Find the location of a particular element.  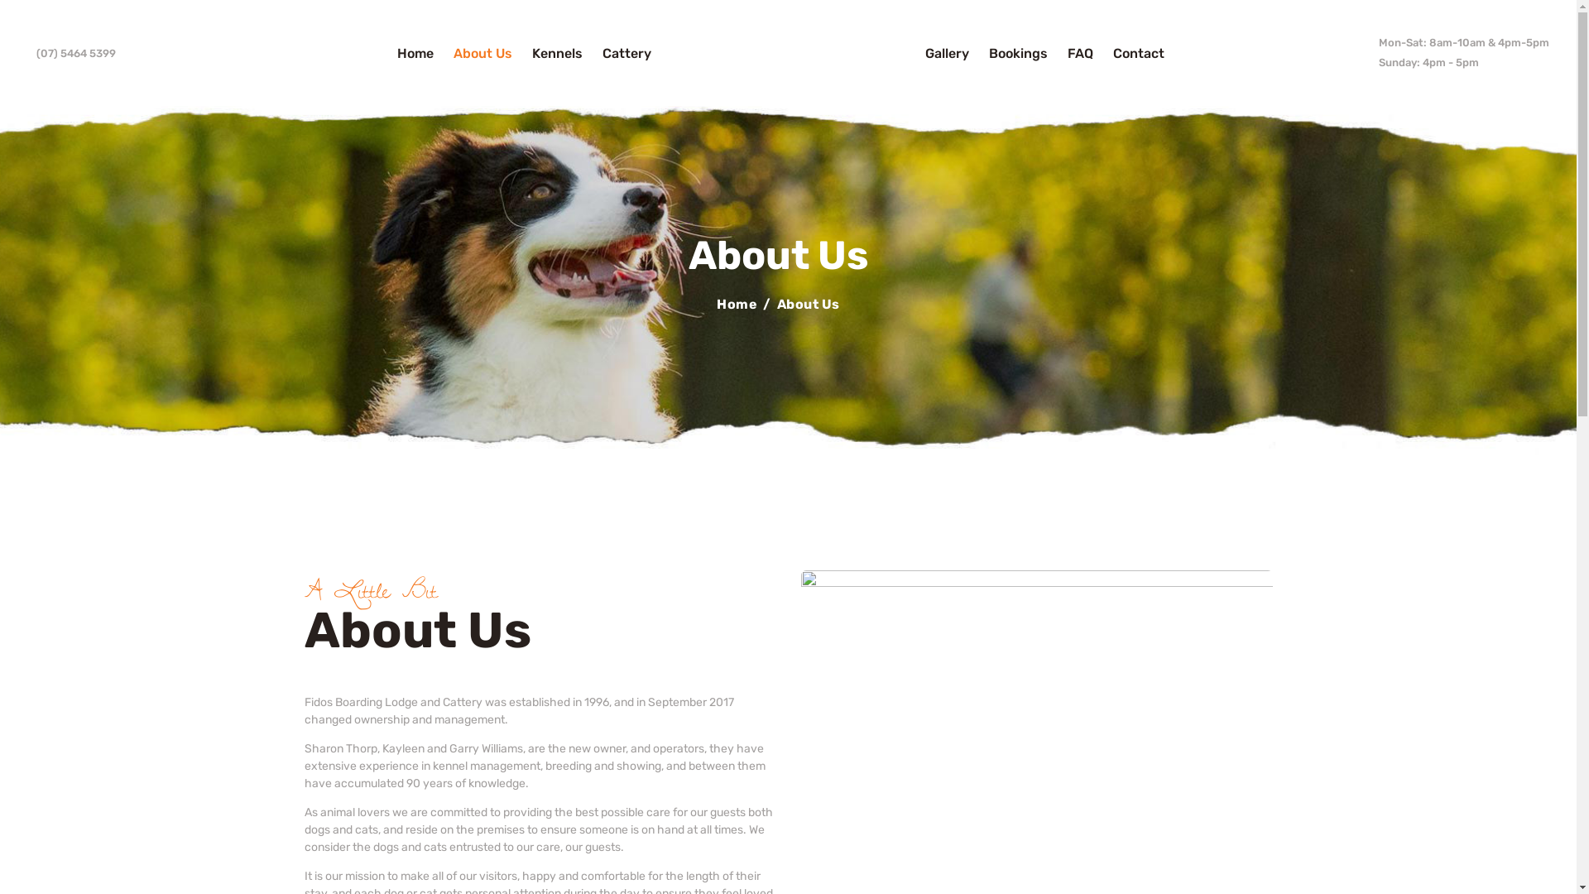

'Gallery' is located at coordinates (947, 52).